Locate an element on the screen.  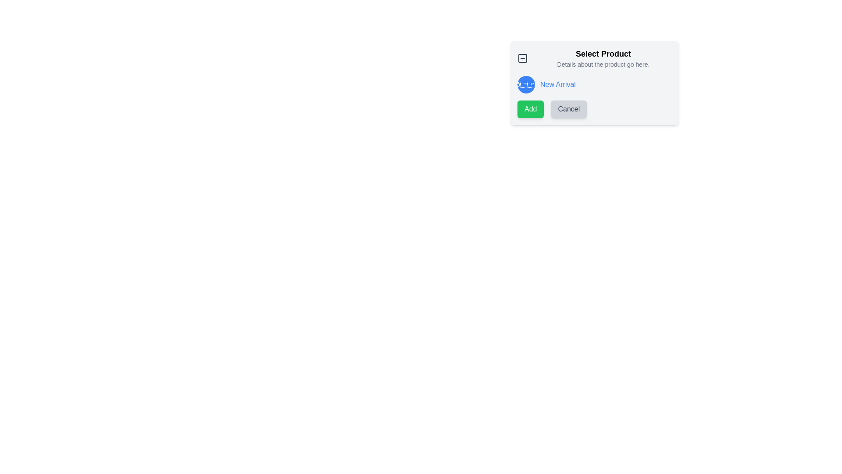
the informational text block titled 'Select Product' is located at coordinates (603, 58).